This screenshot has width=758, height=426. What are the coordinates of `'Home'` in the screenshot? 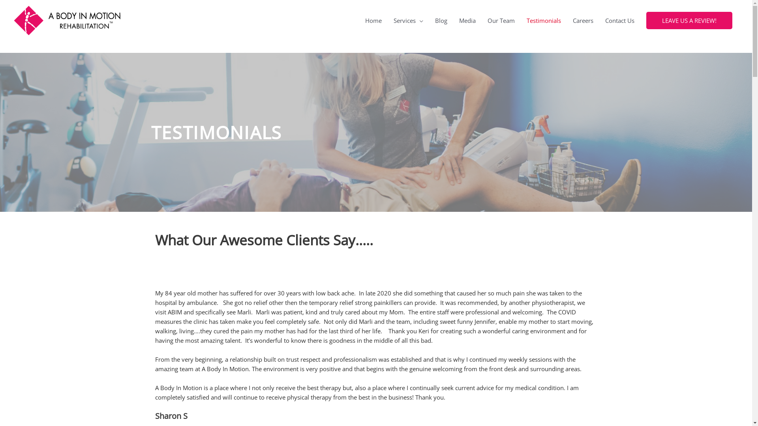 It's located at (359, 20).